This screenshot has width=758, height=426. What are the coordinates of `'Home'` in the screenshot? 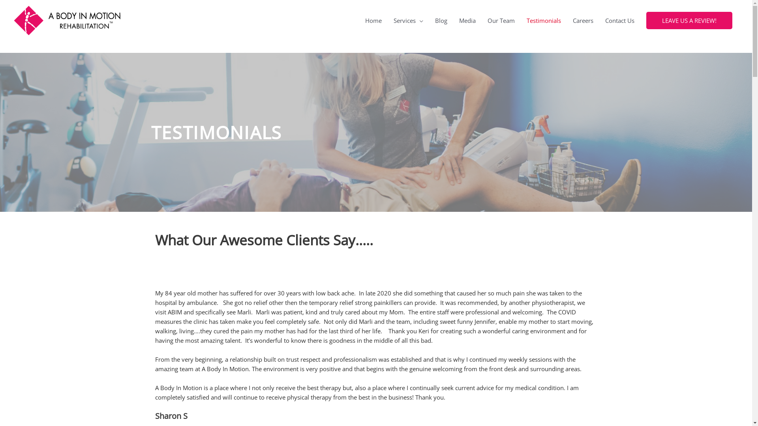 It's located at (359, 20).